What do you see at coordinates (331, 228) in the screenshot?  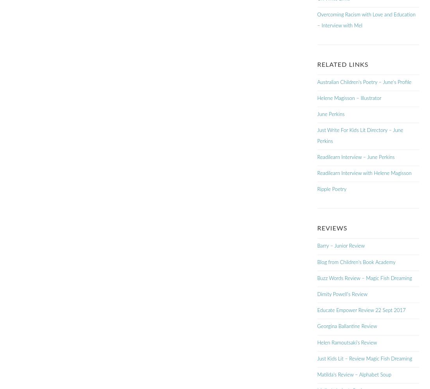 I see `'Reviews'` at bounding box center [331, 228].